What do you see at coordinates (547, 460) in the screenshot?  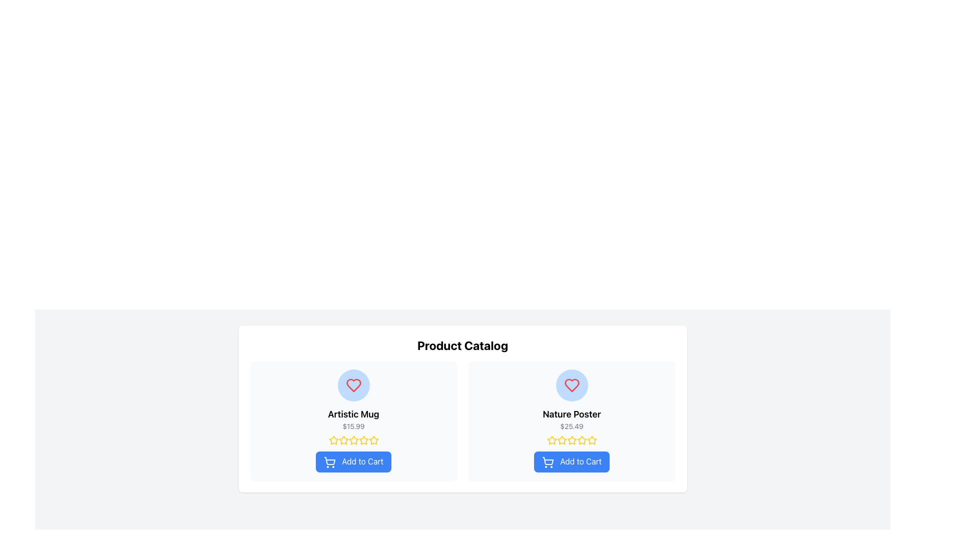 I see `the 'Add to Cart' button encompassing the shopping cart icon for the product 'Nature Poster' in the 'Product Catalog' section` at bounding box center [547, 460].